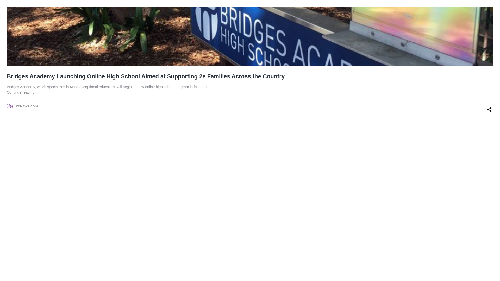 This screenshot has width=500, height=281. Describe the element at coordinates (22, 106) in the screenshot. I see `'2eNews.com'` at that location.